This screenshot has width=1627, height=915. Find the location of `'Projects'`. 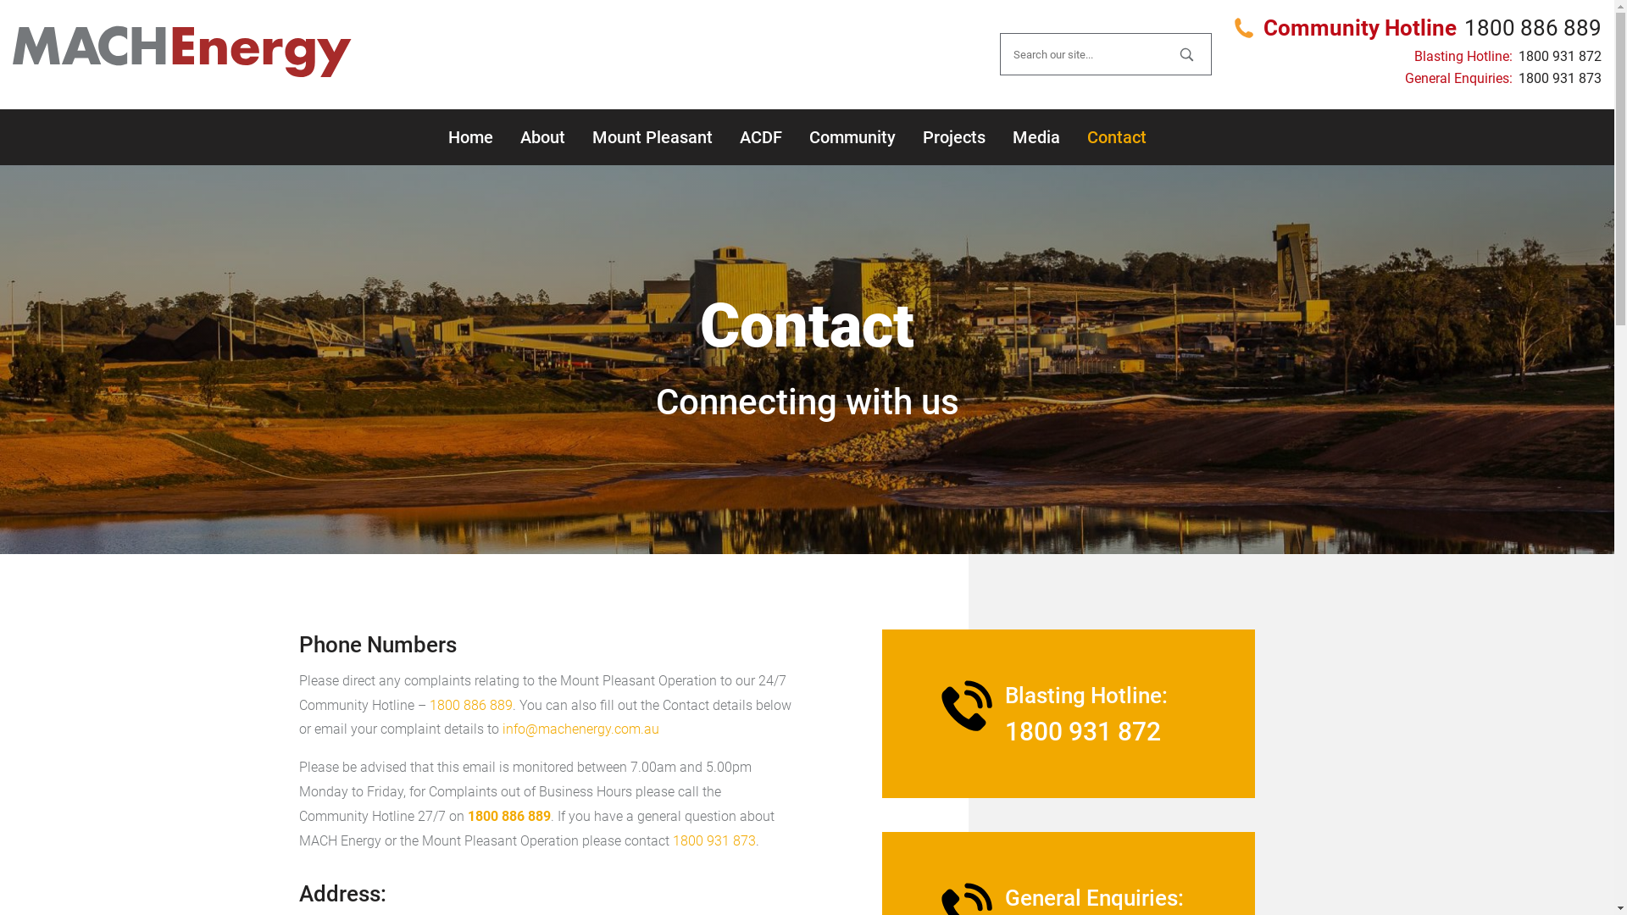

'Projects' is located at coordinates (952, 136).